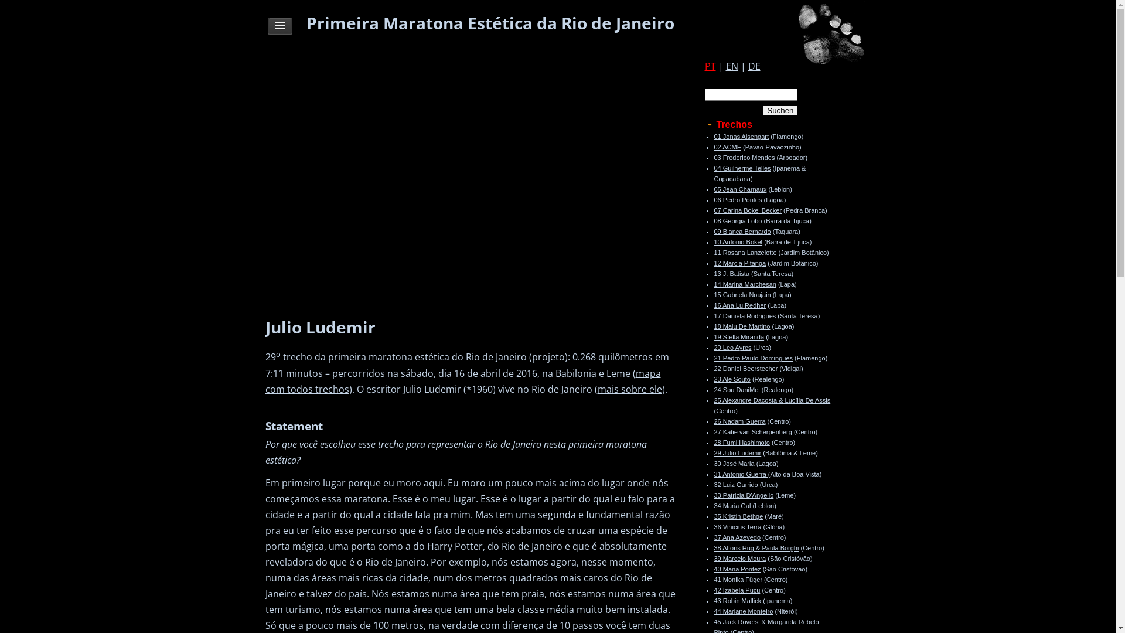 Image resolution: width=1125 pixels, height=633 pixels. Describe the element at coordinates (713, 569) in the screenshot. I see `'40 Mana Pontez'` at that location.